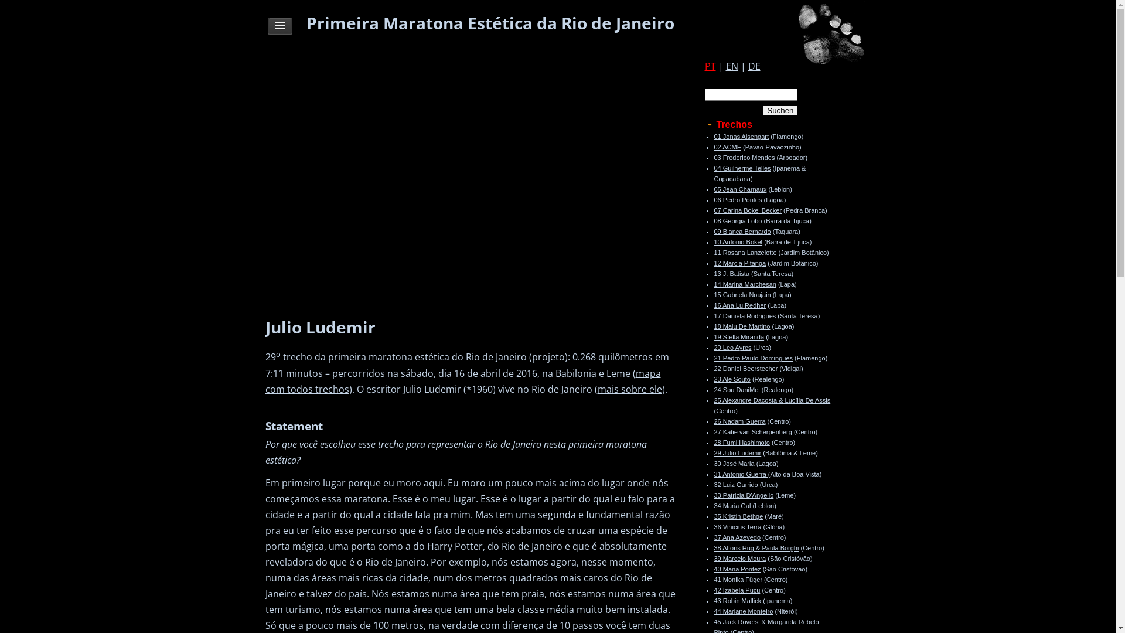 Image resolution: width=1125 pixels, height=633 pixels. Describe the element at coordinates (713, 569) in the screenshot. I see `'40 Mana Pontez'` at that location.